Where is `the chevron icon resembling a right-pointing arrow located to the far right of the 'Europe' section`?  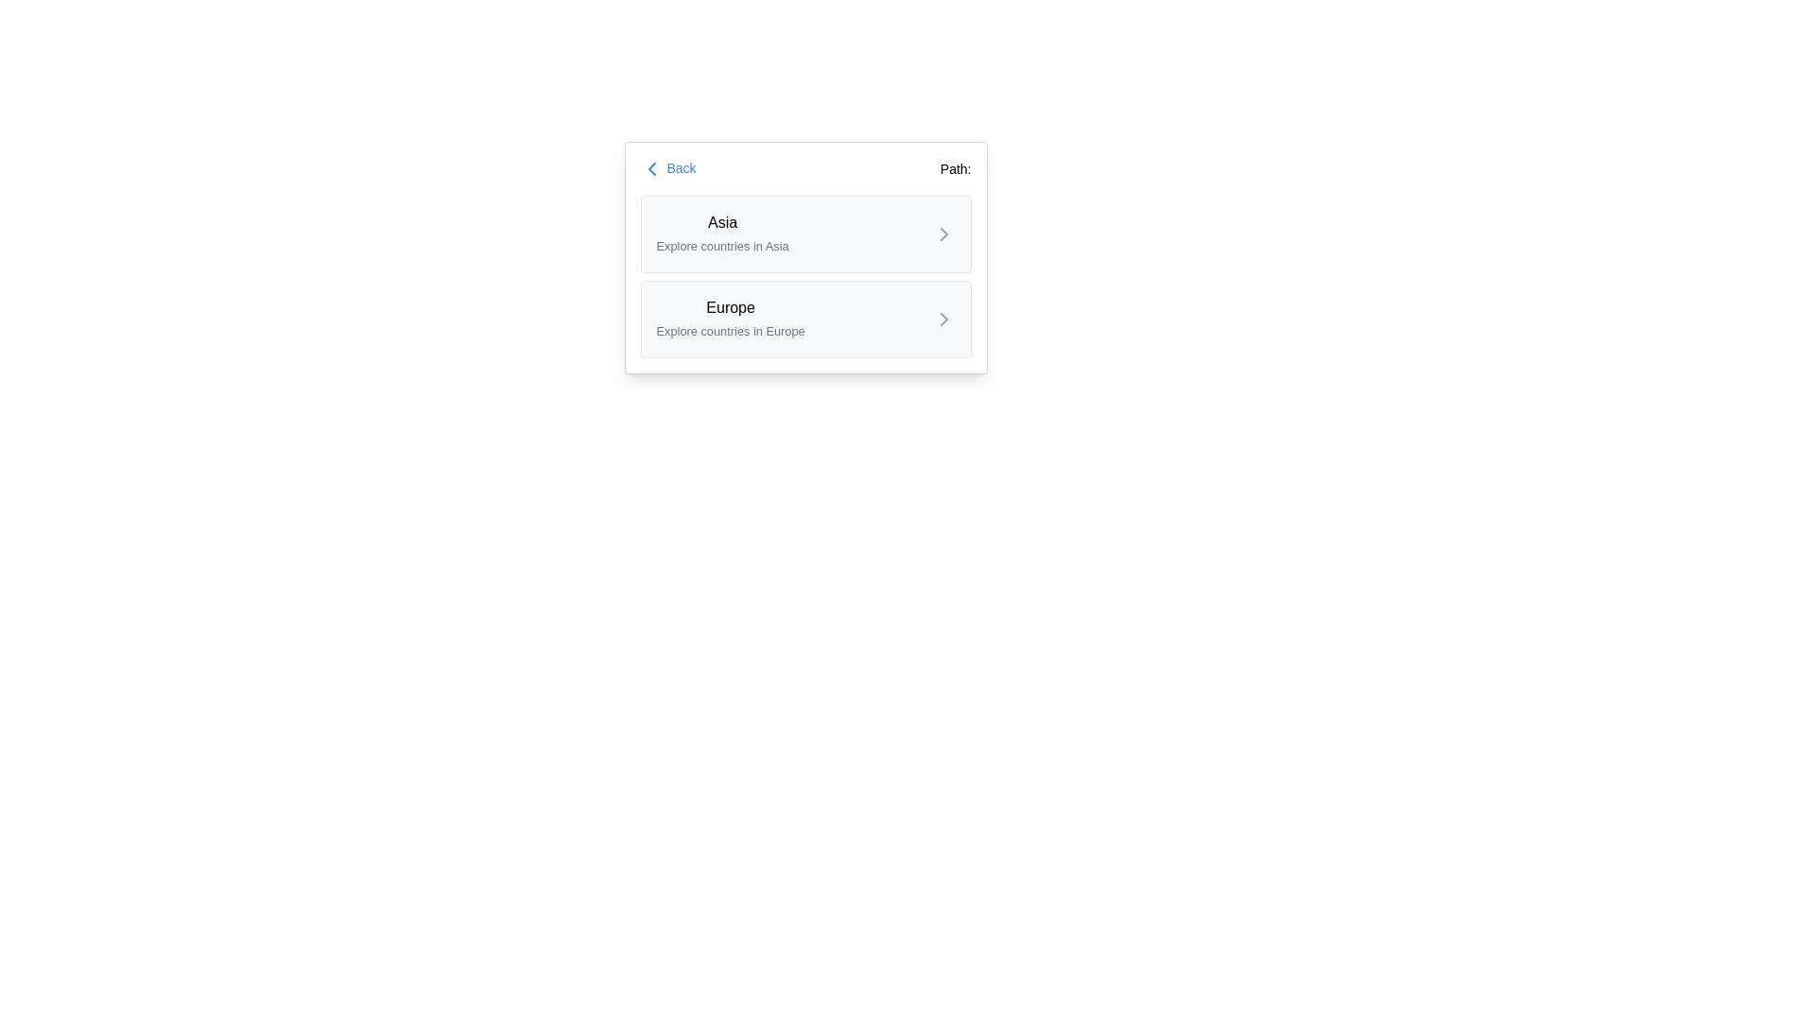 the chevron icon resembling a right-pointing arrow located to the far right of the 'Europe' section is located at coordinates (943, 319).